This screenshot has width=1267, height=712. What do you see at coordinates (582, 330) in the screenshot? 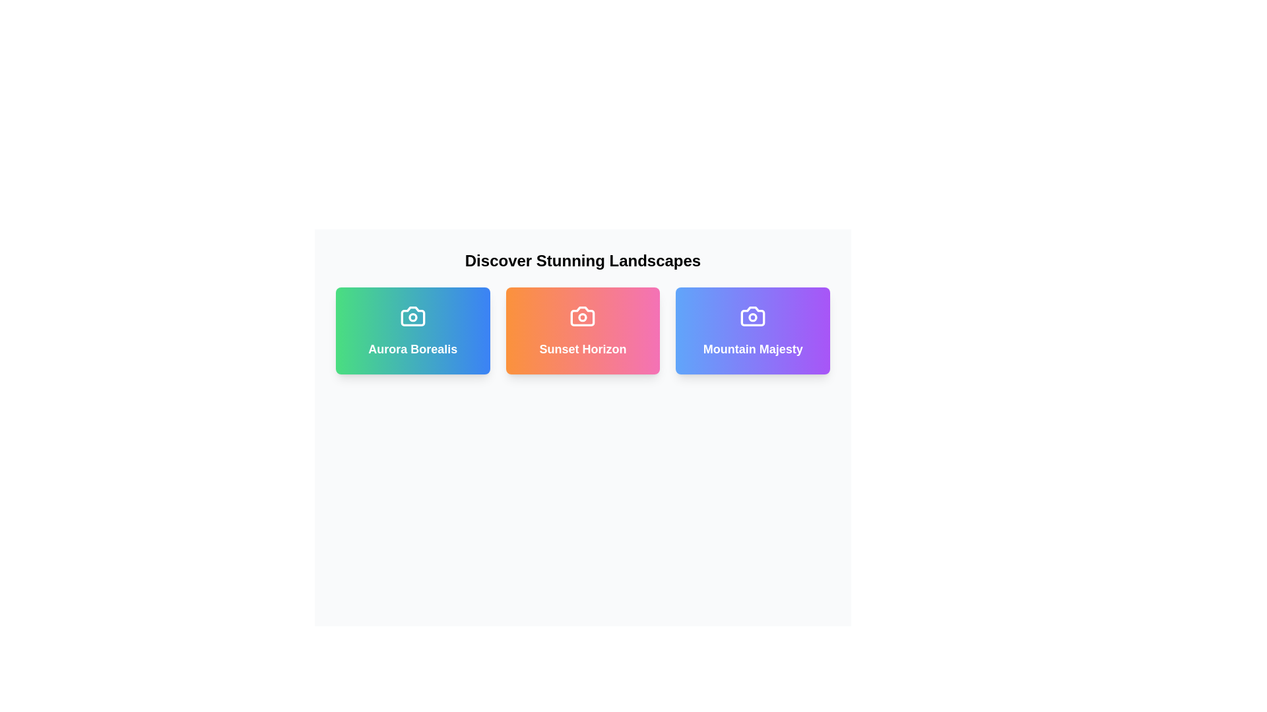
I see `the 'Sunset Horizon' card` at bounding box center [582, 330].